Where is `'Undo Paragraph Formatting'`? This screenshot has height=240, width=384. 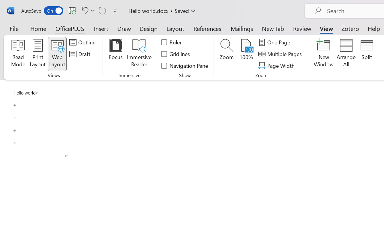
'Undo Paragraph Formatting' is located at coordinates (84, 10).